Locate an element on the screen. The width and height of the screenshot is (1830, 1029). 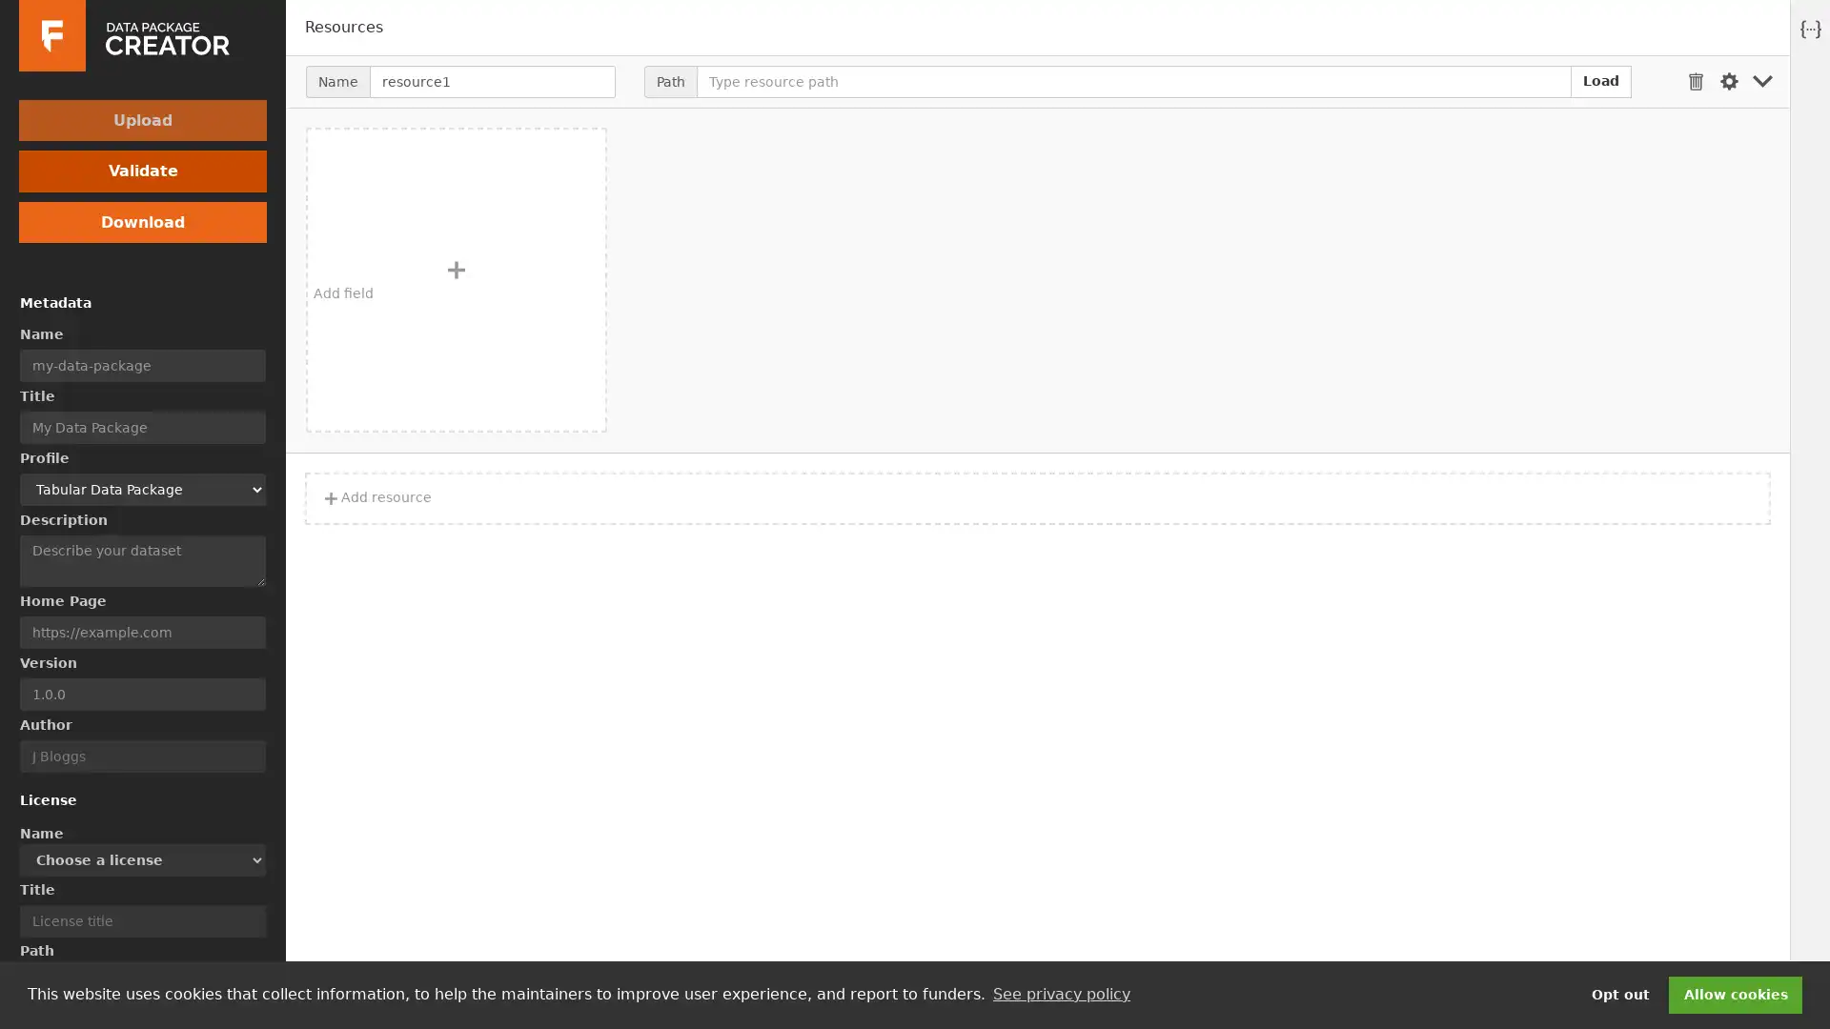
dismiss cookie message is located at coordinates (1735, 994).